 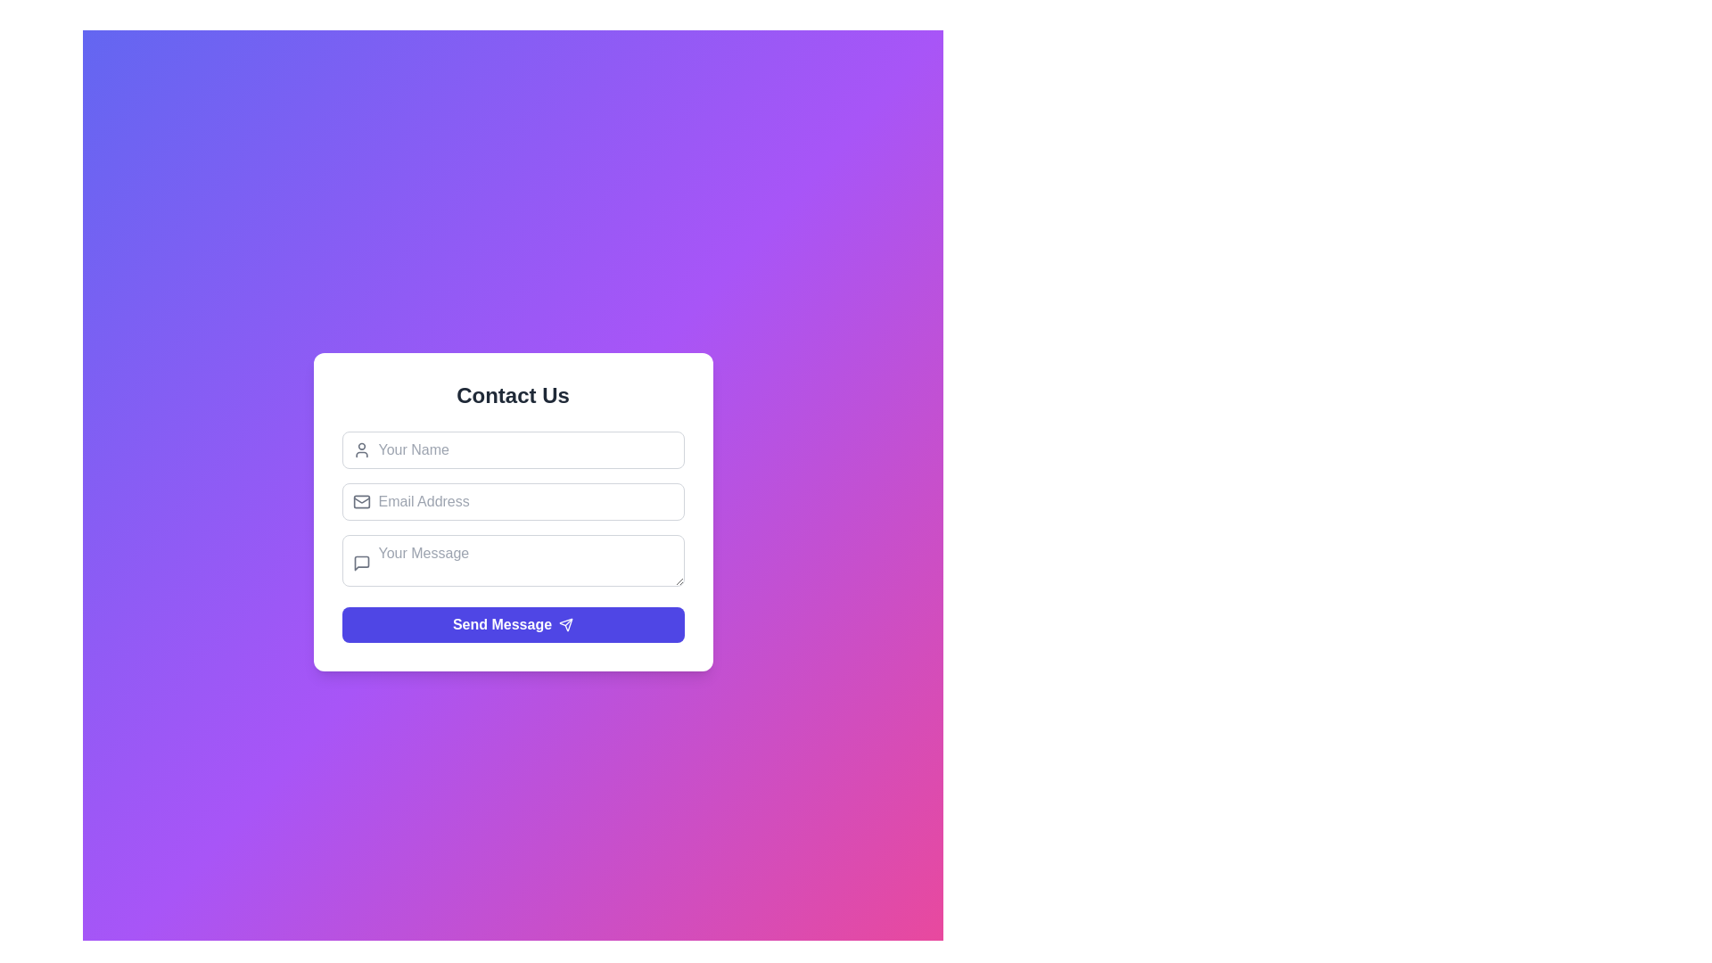 What do you see at coordinates (360, 449) in the screenshot?
I see `the gray user profile SVG icon located inside the 'Your Name' input field, positioned on the left side of the input box` at bounding box center [360, 449].